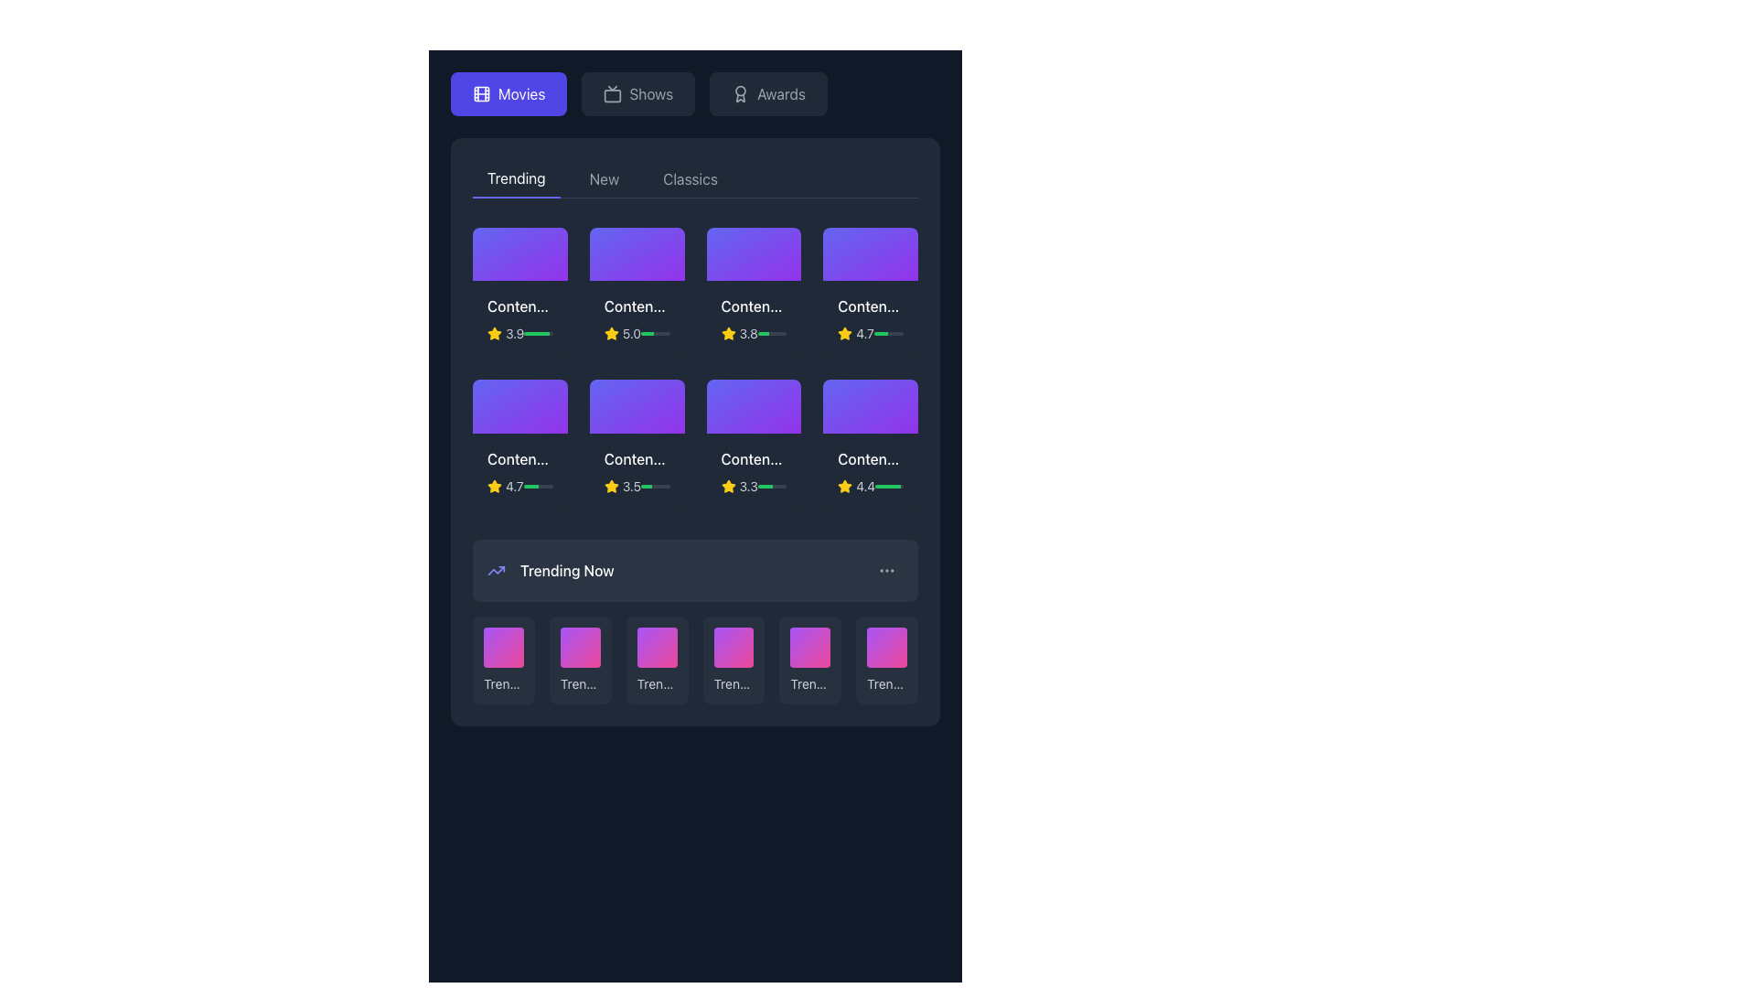 Image resolution: width=1756 pixels, height=988 pixels. What do you see at coordinates (519, 405) in the screenshot?
I see `the Decorative card located in the second row of the content grid, which is the first card in this row, directly beneath the first card of the first row` at bounding box center [519, 405].